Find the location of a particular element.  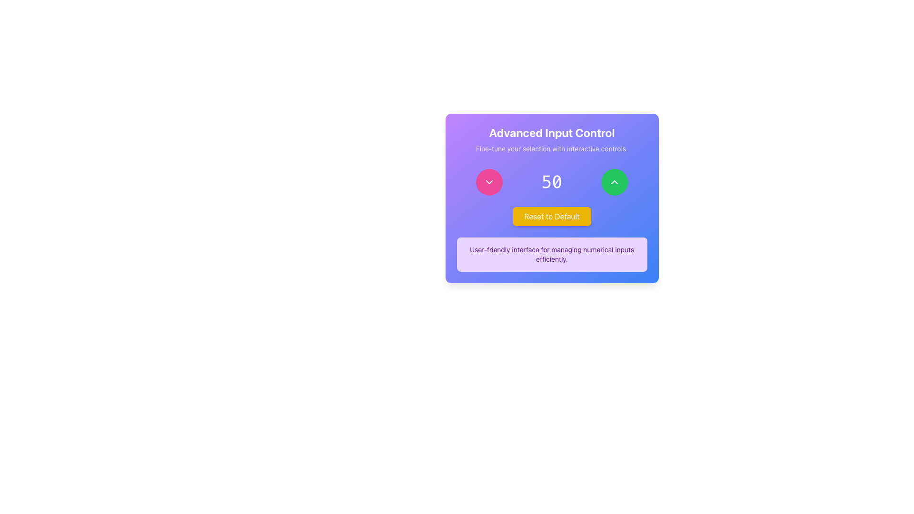

the button located to the right of the number '50' is located at coordinates (614, 182).